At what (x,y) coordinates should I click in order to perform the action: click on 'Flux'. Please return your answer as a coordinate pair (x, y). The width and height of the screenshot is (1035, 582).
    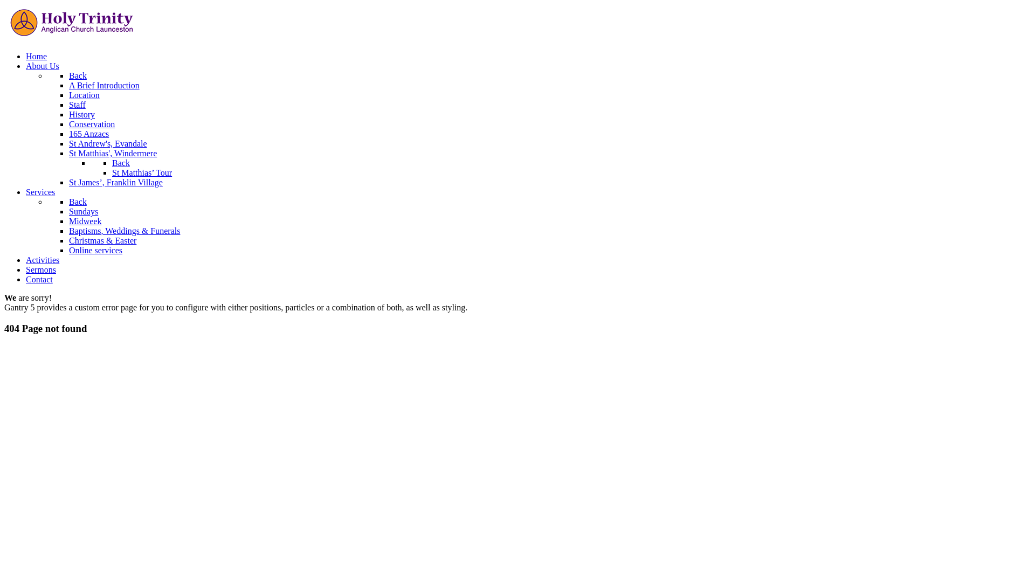
    Looking at the image, I should click on (71, 37).